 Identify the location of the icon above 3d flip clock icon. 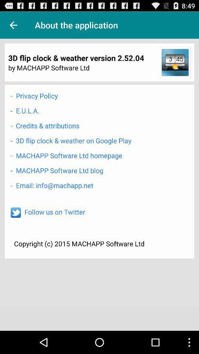
(45, 125).